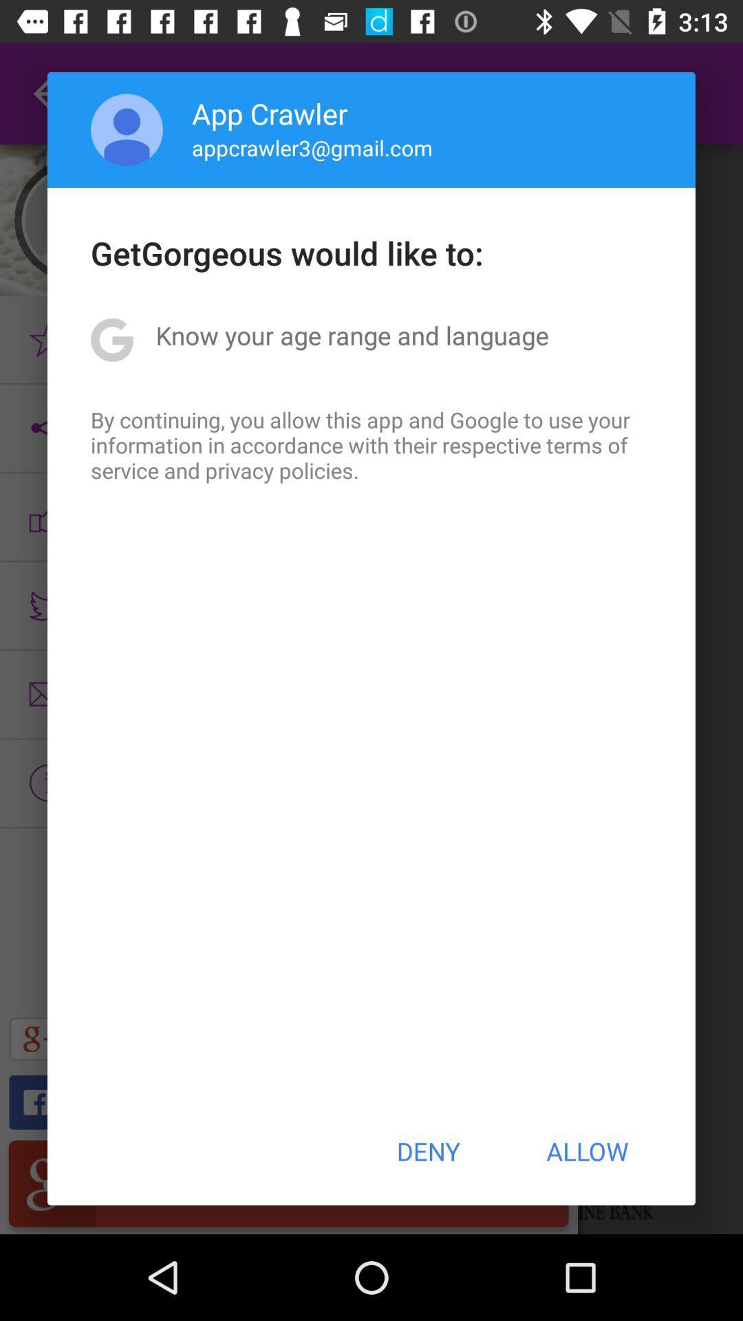 This screenshot has width=743, height=1321. I want to click on the icon above appcrawler3@gmail.com item, so click(270, 113).